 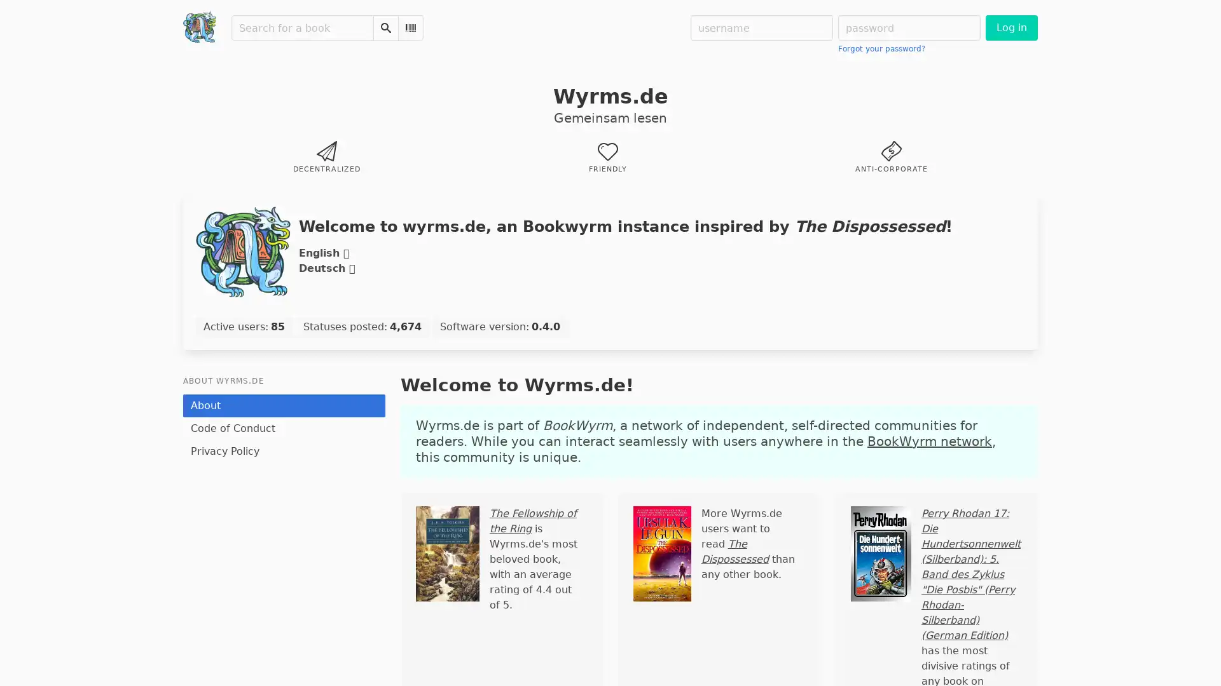 What do you see at coordinates (385, 27) in the screenshot?
I see `Search` at bounding box center [385, 27].